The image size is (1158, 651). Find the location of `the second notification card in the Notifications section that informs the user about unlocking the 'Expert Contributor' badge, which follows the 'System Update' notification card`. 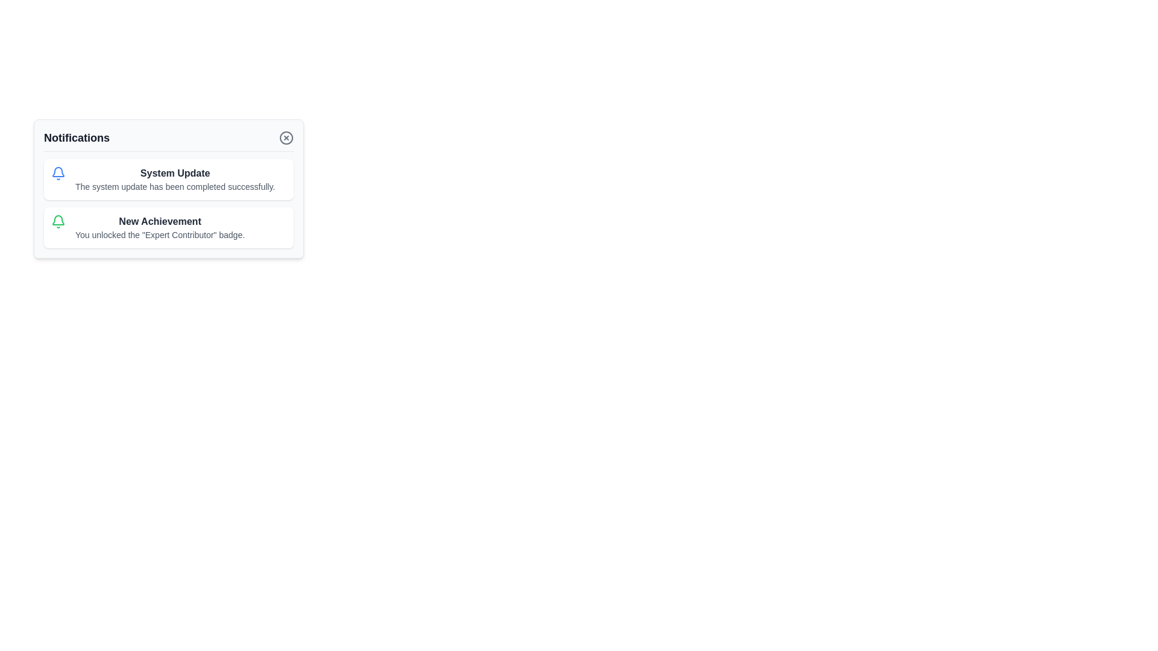

the second notification card in the Notifications section that informs the user about unlocking the 'Expert Contributor' badge, which follows the 'System Update' notification card is located at coordinates (168, 228).